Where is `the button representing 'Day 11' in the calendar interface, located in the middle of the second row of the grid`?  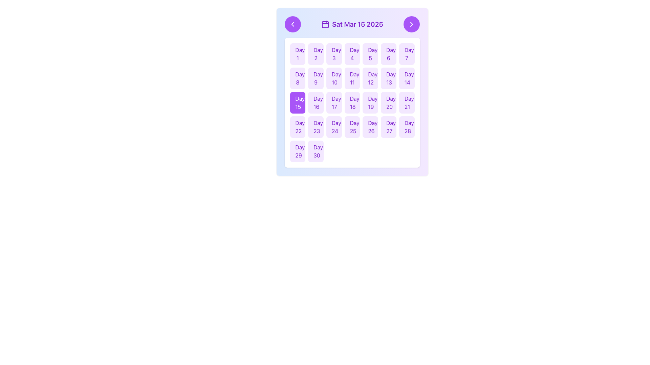 the button representing 'Day 11' in the calendar interface, located in the middle of the second row of the grid is located at coordinates (352, 78).